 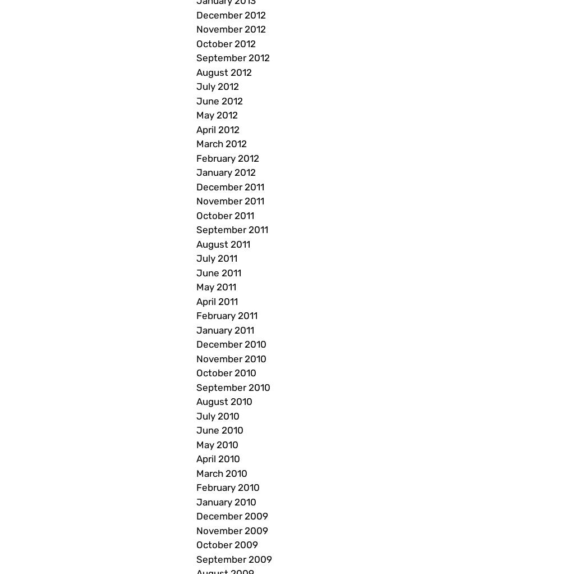 I want to click on 'March 2012', so click(x=196, y=144).